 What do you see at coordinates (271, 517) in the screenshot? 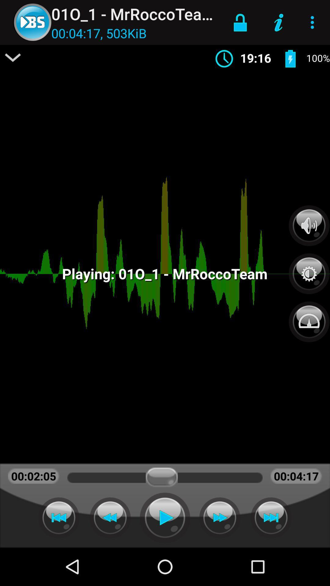
I see `forword button` at bounding box center [271, 517].